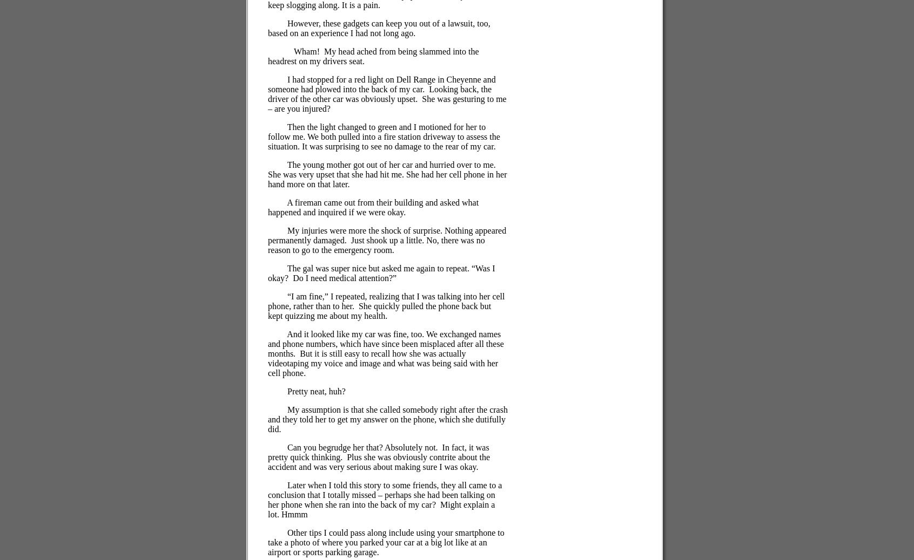  I want to click on 'She
was gesturing to me – are you injured?', so click(386, 103).